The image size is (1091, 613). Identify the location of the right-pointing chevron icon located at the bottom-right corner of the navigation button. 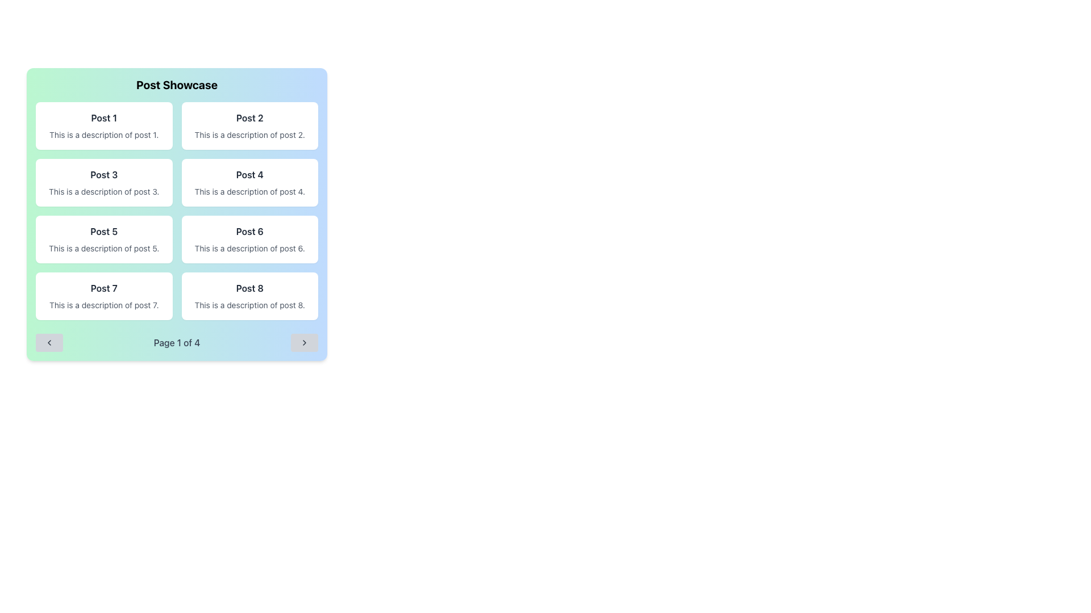
(305, 342).